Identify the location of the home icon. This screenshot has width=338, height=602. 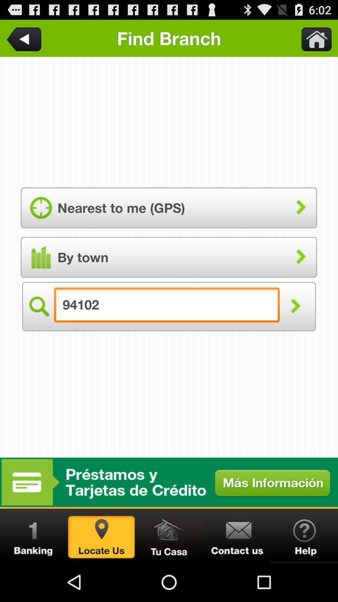
(169, 573).